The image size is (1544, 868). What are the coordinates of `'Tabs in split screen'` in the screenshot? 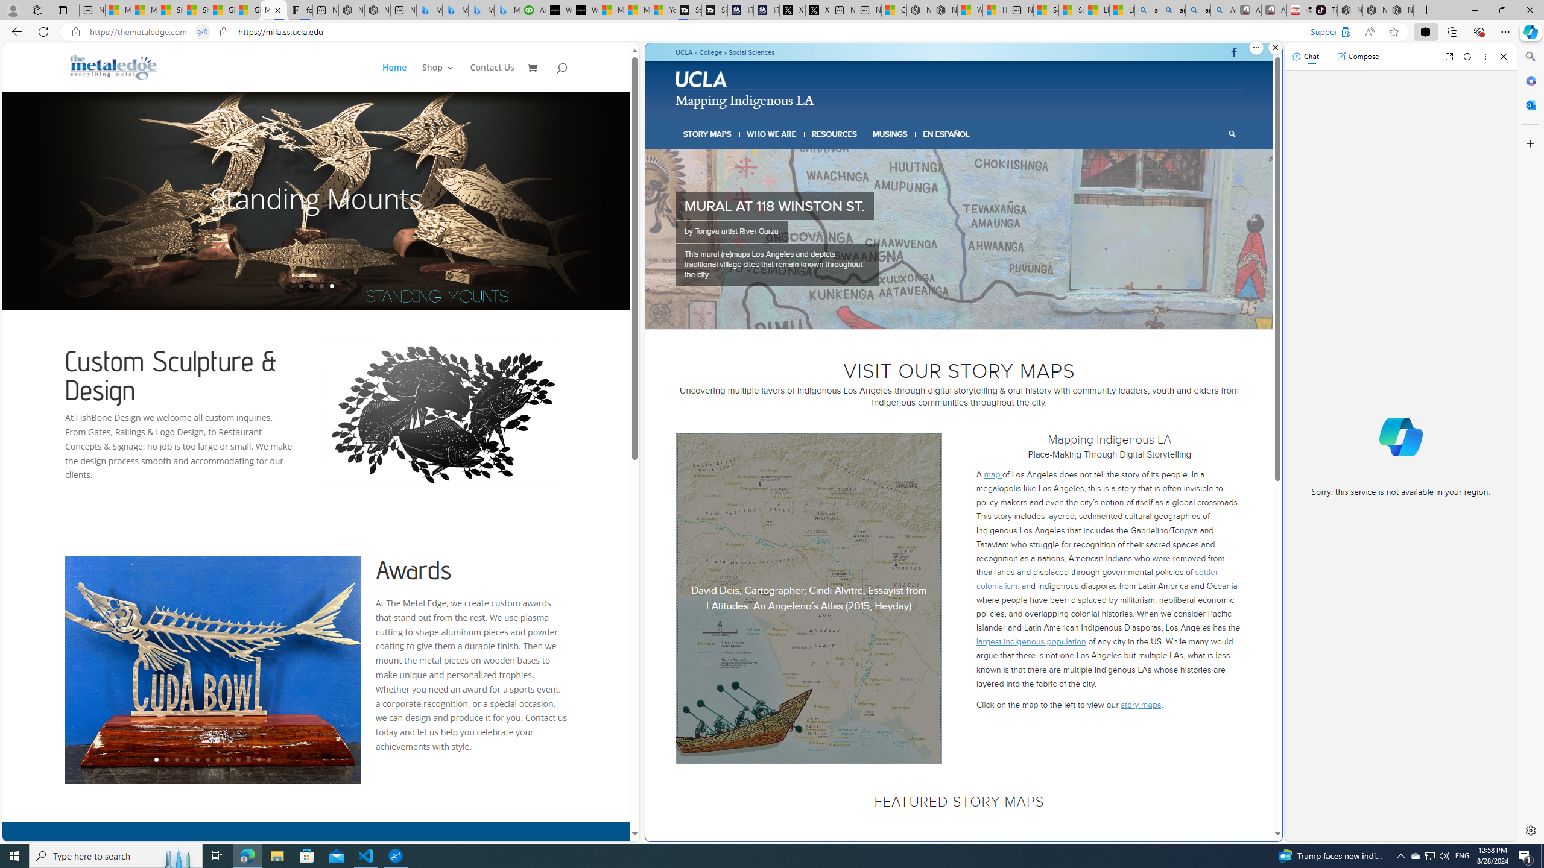 It's located at (201, 32).